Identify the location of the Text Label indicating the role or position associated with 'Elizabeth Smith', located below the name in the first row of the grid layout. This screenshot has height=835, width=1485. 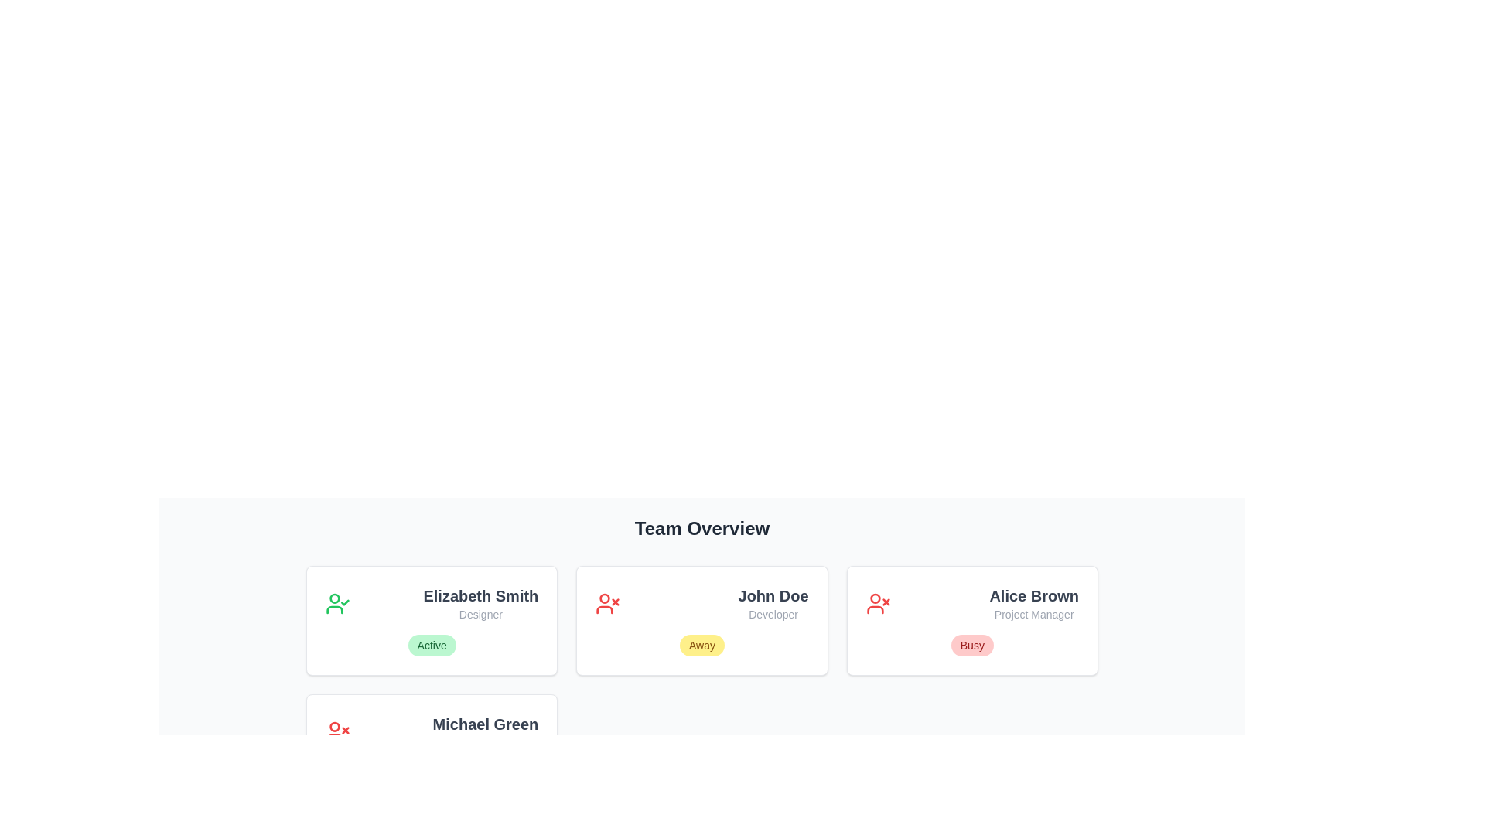
(480, 613).